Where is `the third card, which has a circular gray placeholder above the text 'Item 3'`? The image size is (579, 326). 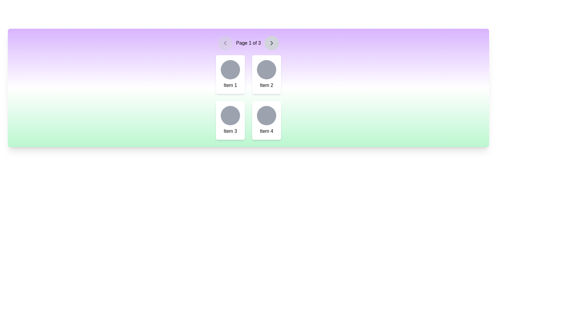 the third card, which has a circular gray placeholder above the text 'Item 3' is located at coordinates (230, 120).